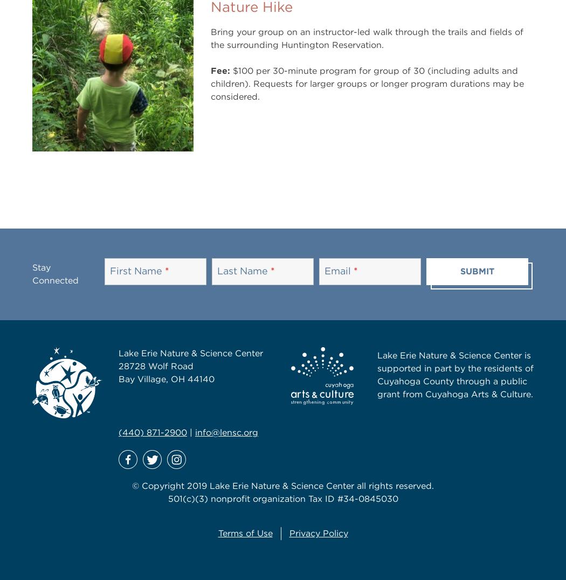 This screenshot has height=580, width=566. I want to click on 'Lake Erie Nature & Science Center is supported in part by the residents of Cuyahoga County through a public grant from Cuyahoga Arts & Culture.', so click(454, 375).